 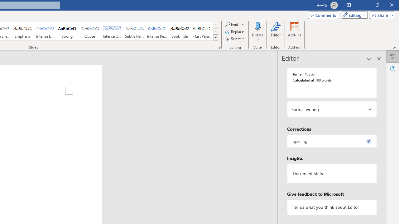 What do you see at coordinates (379, 59) in the screenshot?
I see `'Close pane'` at bounding box center [379, 59].